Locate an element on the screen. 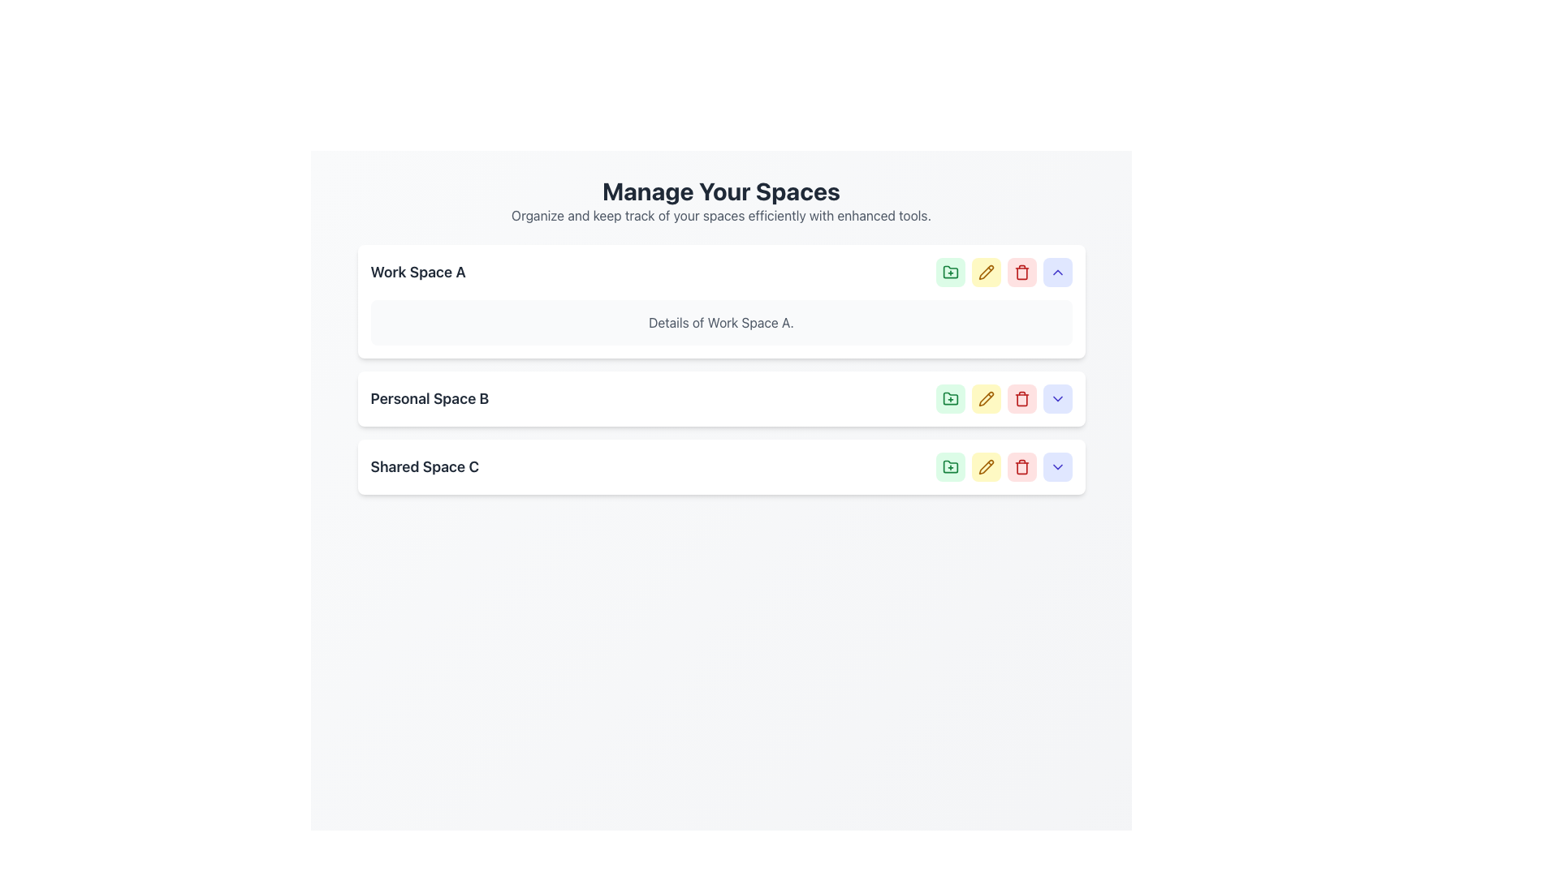  the prominent header text label 'Manage Your Spaces' styled in bold and large font at the top center of the panel is located at coordinates (720, 190).